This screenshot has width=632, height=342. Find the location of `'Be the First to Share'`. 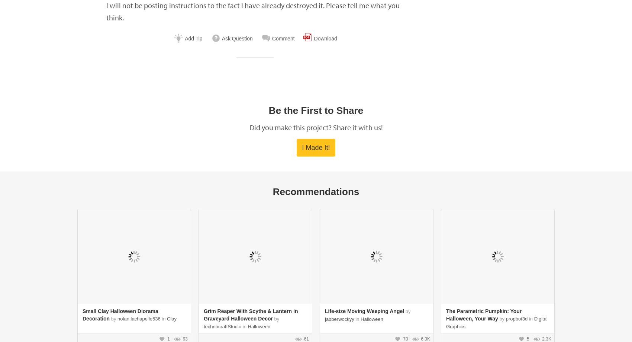

'Be the First to Share' is located at coordinates (268, 110).